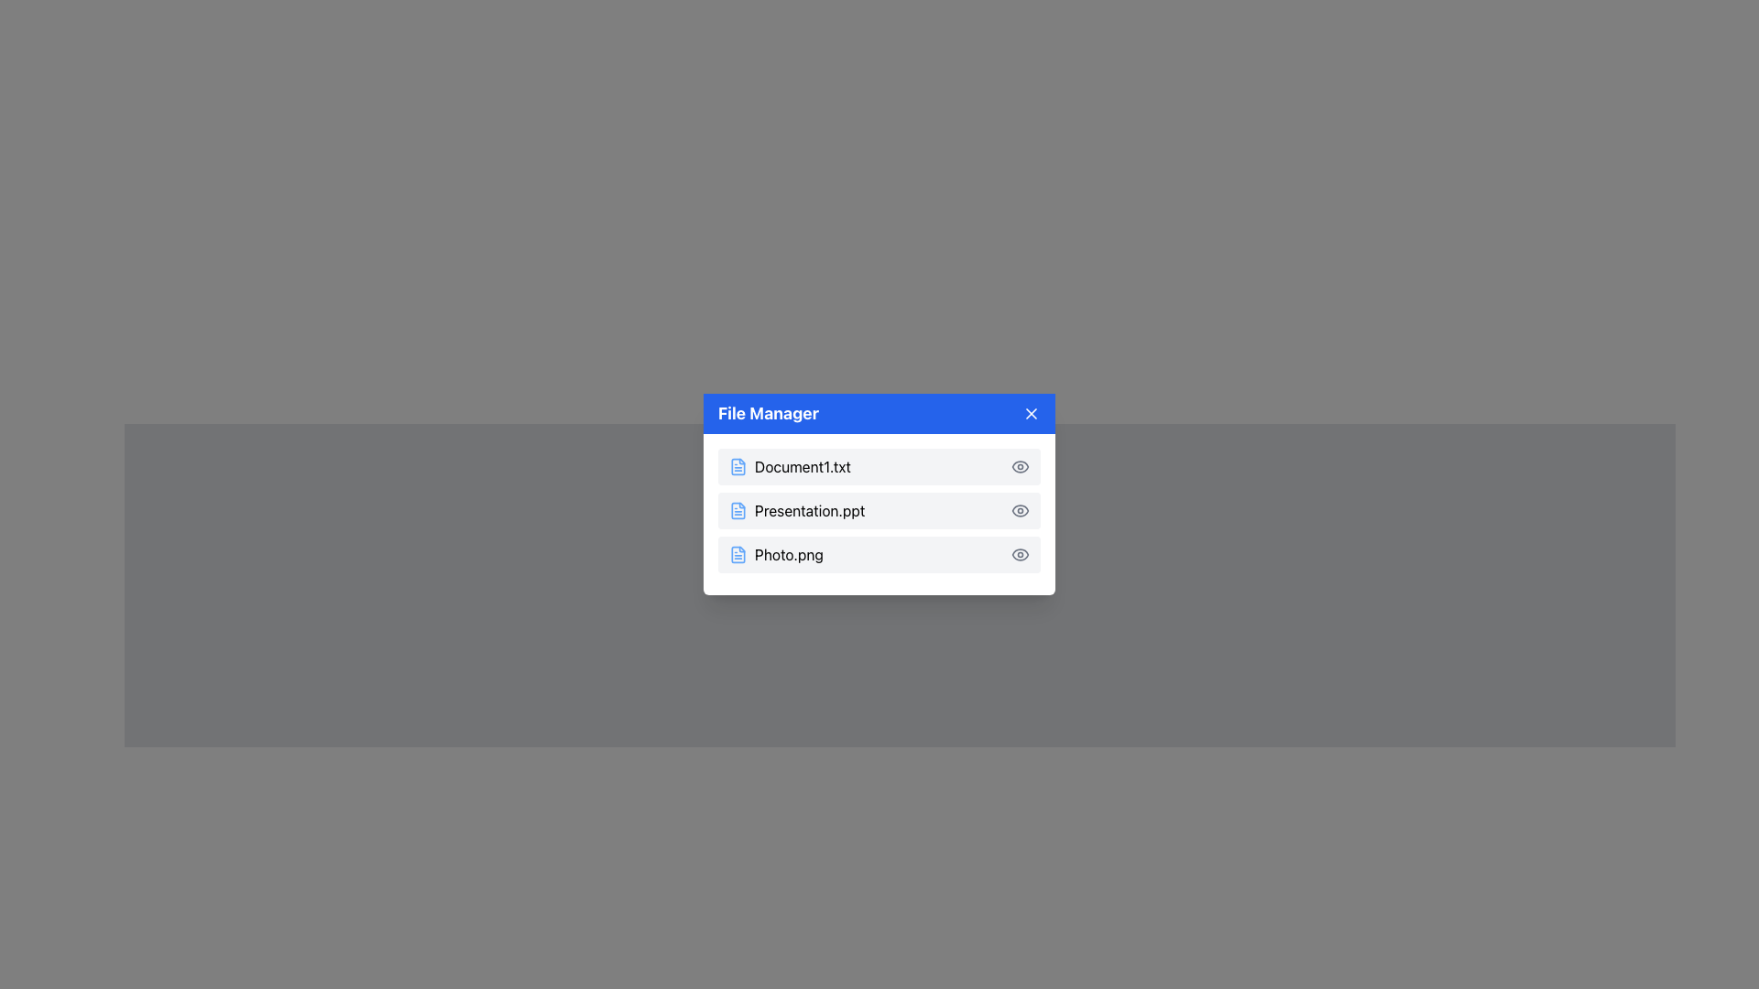  What do you see at coordinates (789, 553) in the screenshot?
I see `the static text label displaying the file name 'Photo.png' in the file manager` at bounding box center [789, 553].